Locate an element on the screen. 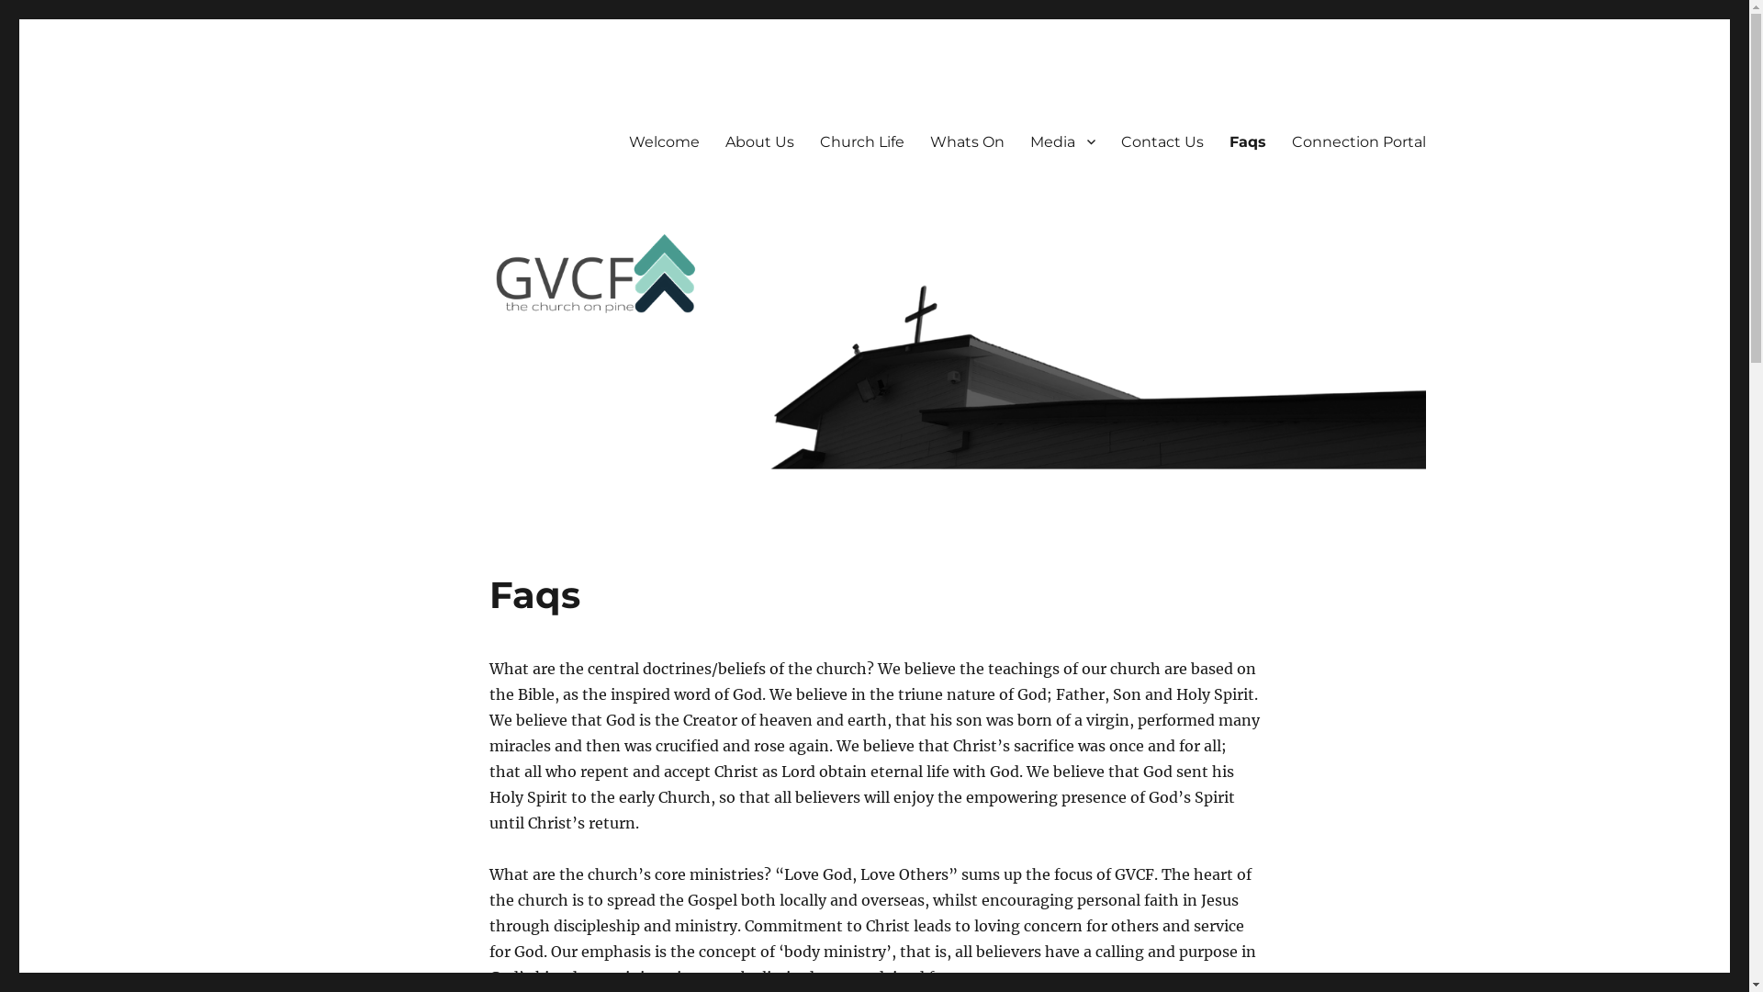 This screenshot has width=1763, height=992. 'Welcome' is located at coordinates (662, 141).